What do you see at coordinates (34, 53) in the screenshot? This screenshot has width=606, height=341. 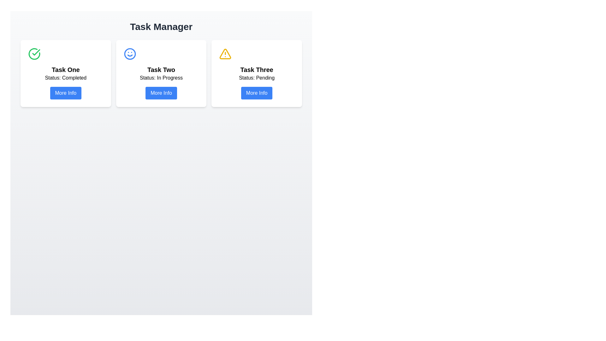 I see `the circular icon with a green outline and checkmark, located at the top-left corner of the 'Task One' card` at bounding box center [34, 53].